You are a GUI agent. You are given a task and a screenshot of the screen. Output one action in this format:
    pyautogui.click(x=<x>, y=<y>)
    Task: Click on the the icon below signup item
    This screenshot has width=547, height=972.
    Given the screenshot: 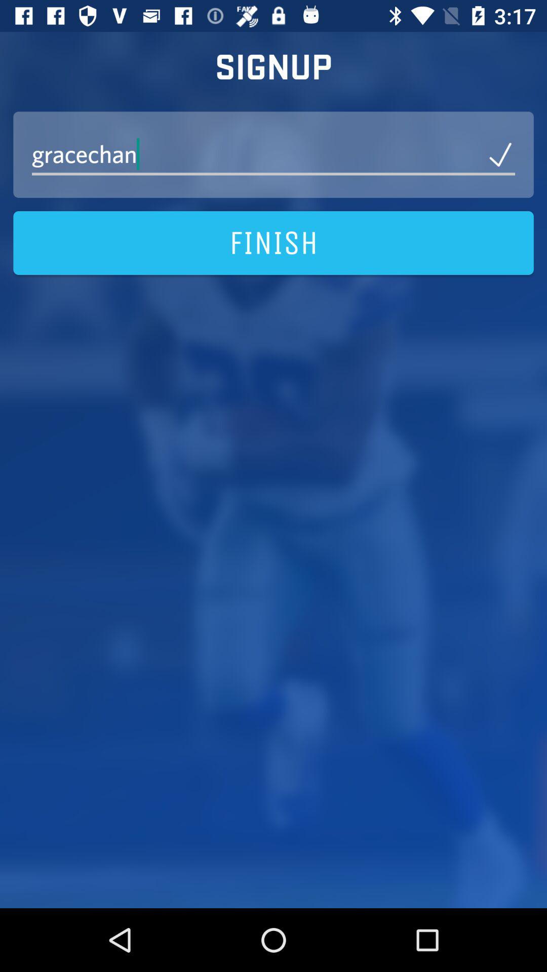 What is the action you would take?
    pyautogui.click(x=273, y=154)
    